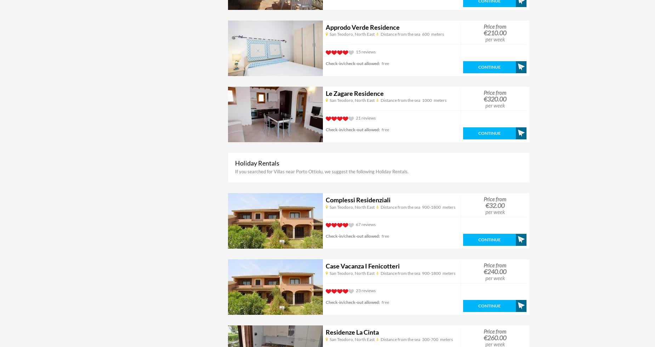 The image size is (655, 347). I want to click on '€210.00', so click(495, 32).